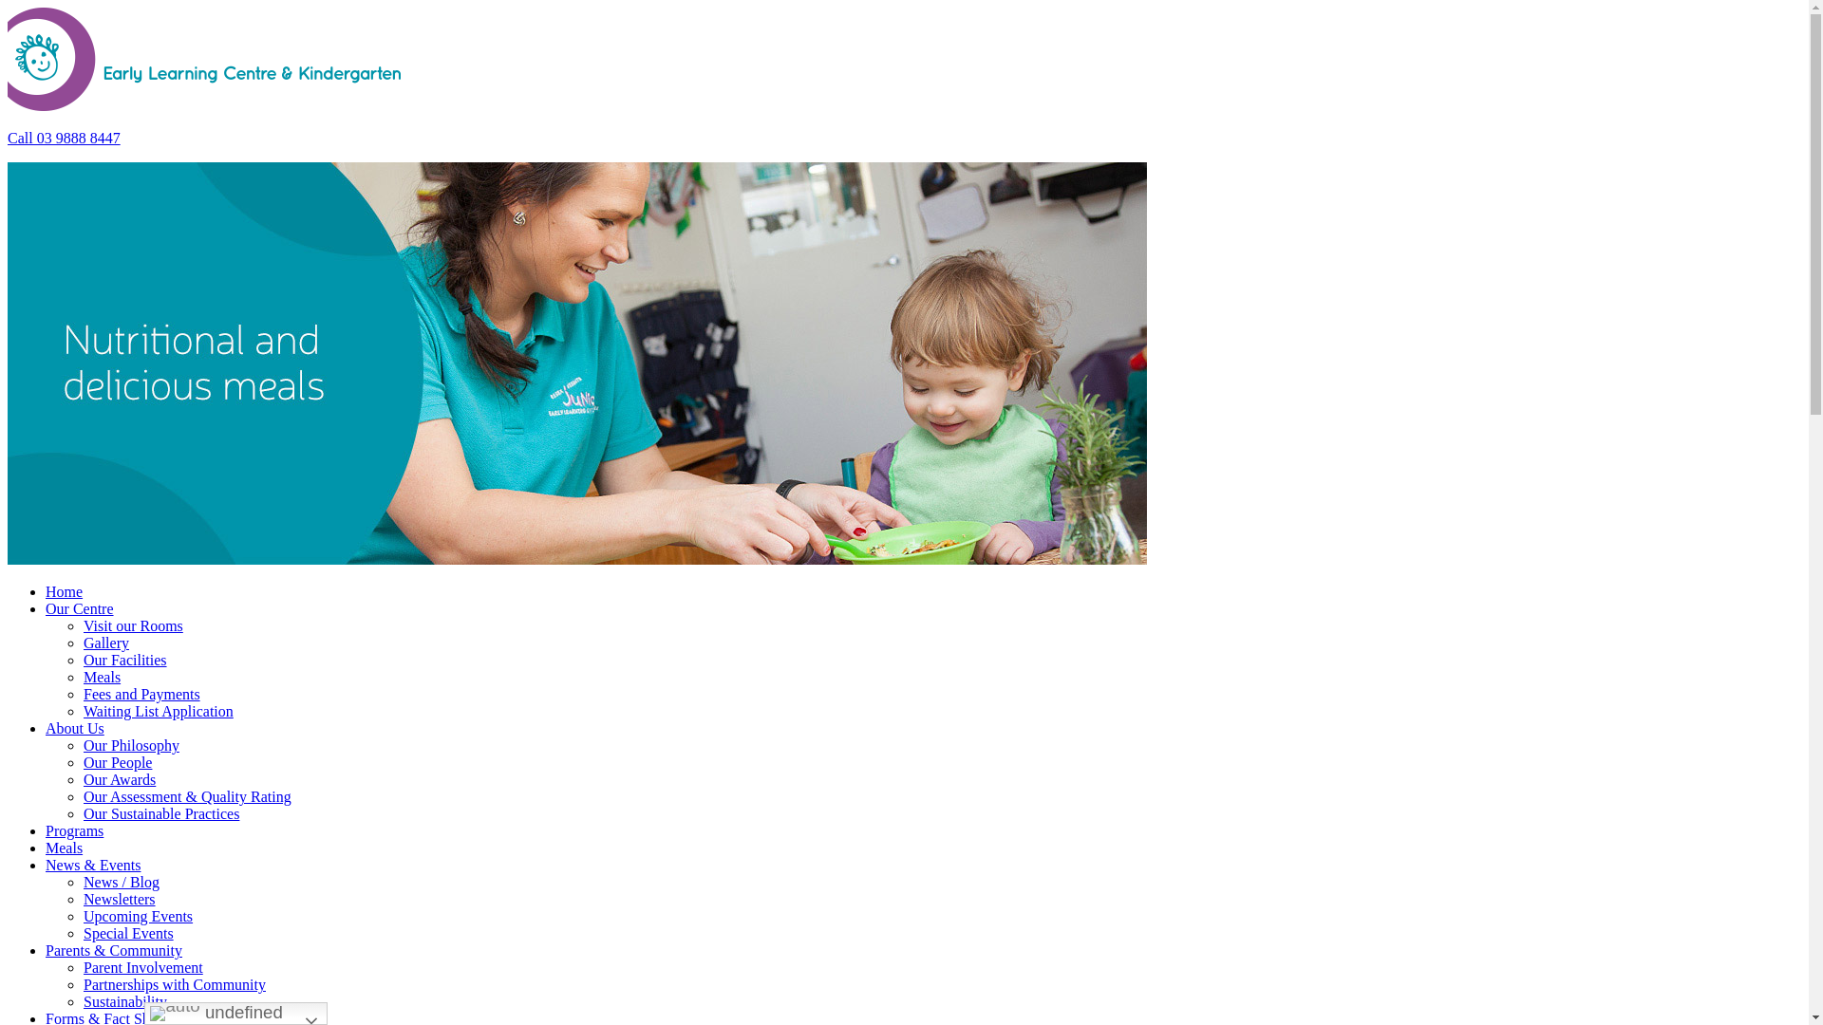  Describe the element at coordinates (46, 950) in the screenshot. I see `'Parents & Community'` at that location.